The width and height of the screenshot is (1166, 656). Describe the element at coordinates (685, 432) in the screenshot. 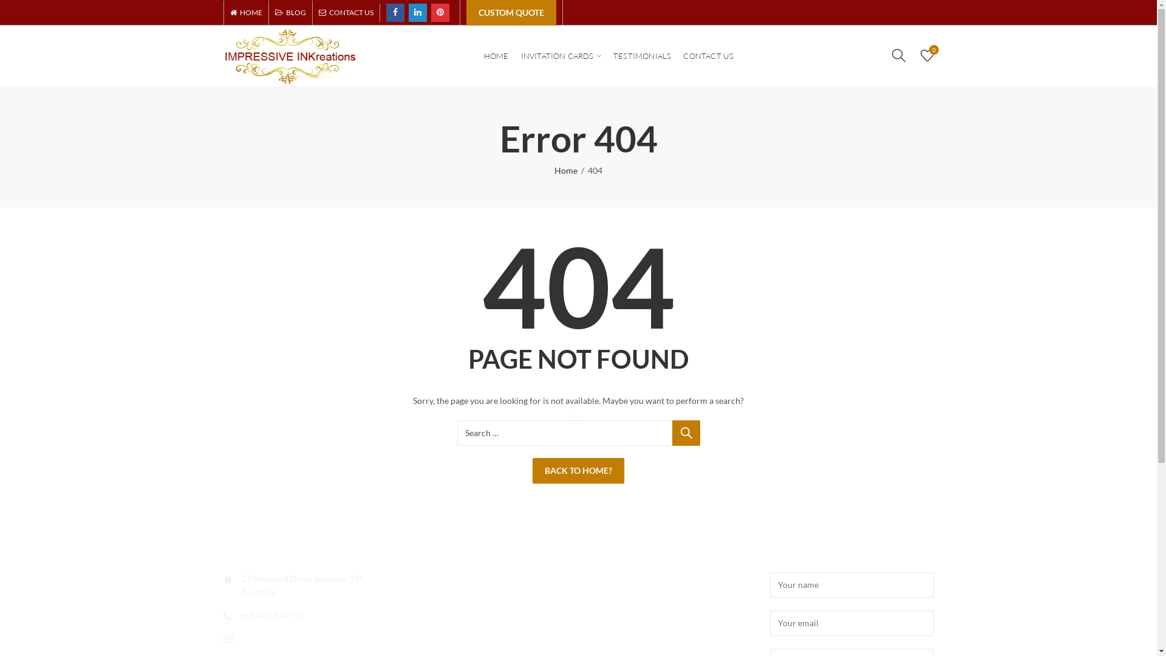

I see `'SEARCH'` at that location.